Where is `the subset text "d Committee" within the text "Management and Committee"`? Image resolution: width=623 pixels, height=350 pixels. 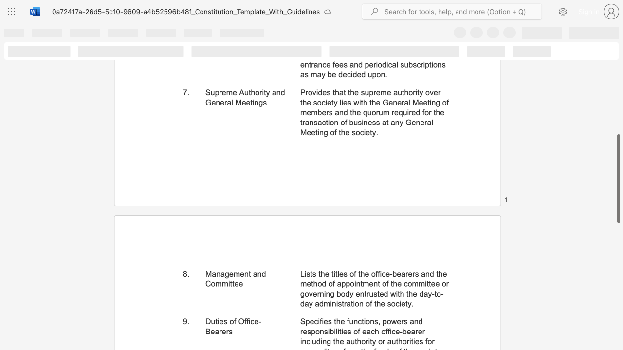 the subset text "d Committee" within the text "Management and Committee" is located at coordinates (261, 274).